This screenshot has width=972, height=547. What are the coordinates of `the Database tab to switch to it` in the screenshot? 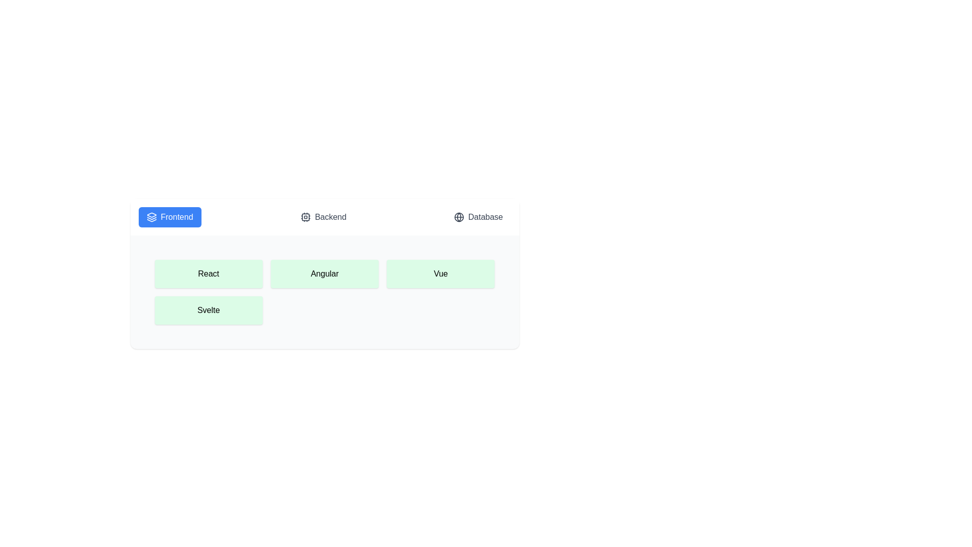 It's located at (478, 216).